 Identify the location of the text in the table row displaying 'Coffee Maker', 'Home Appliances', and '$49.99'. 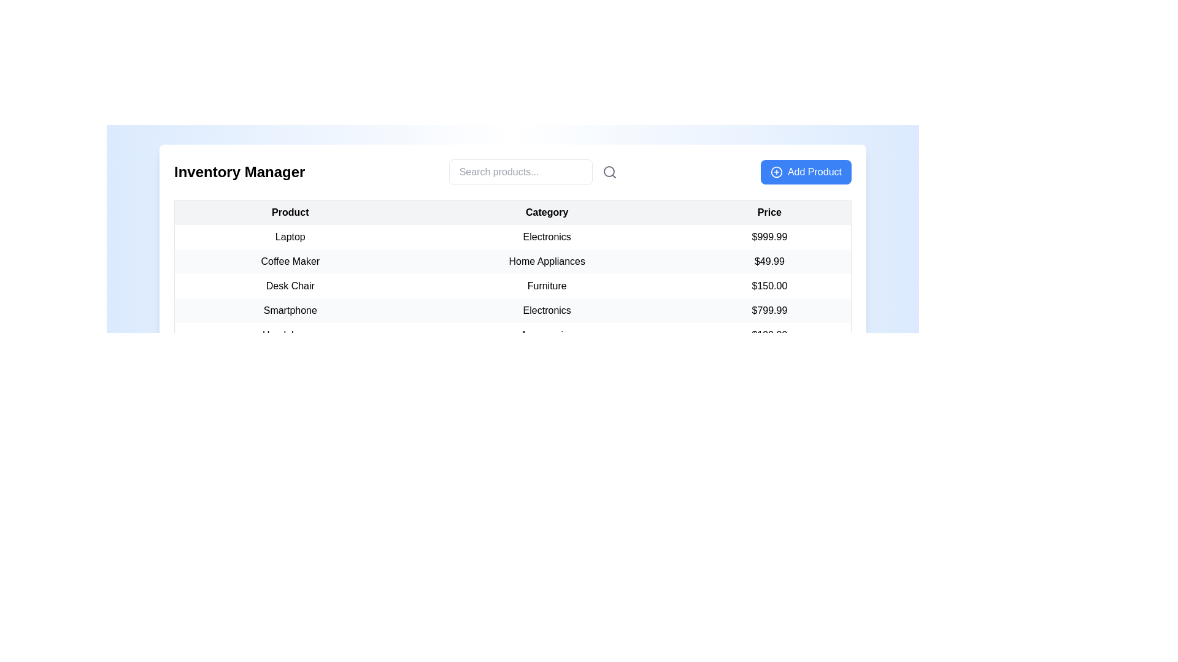
(512, 261).